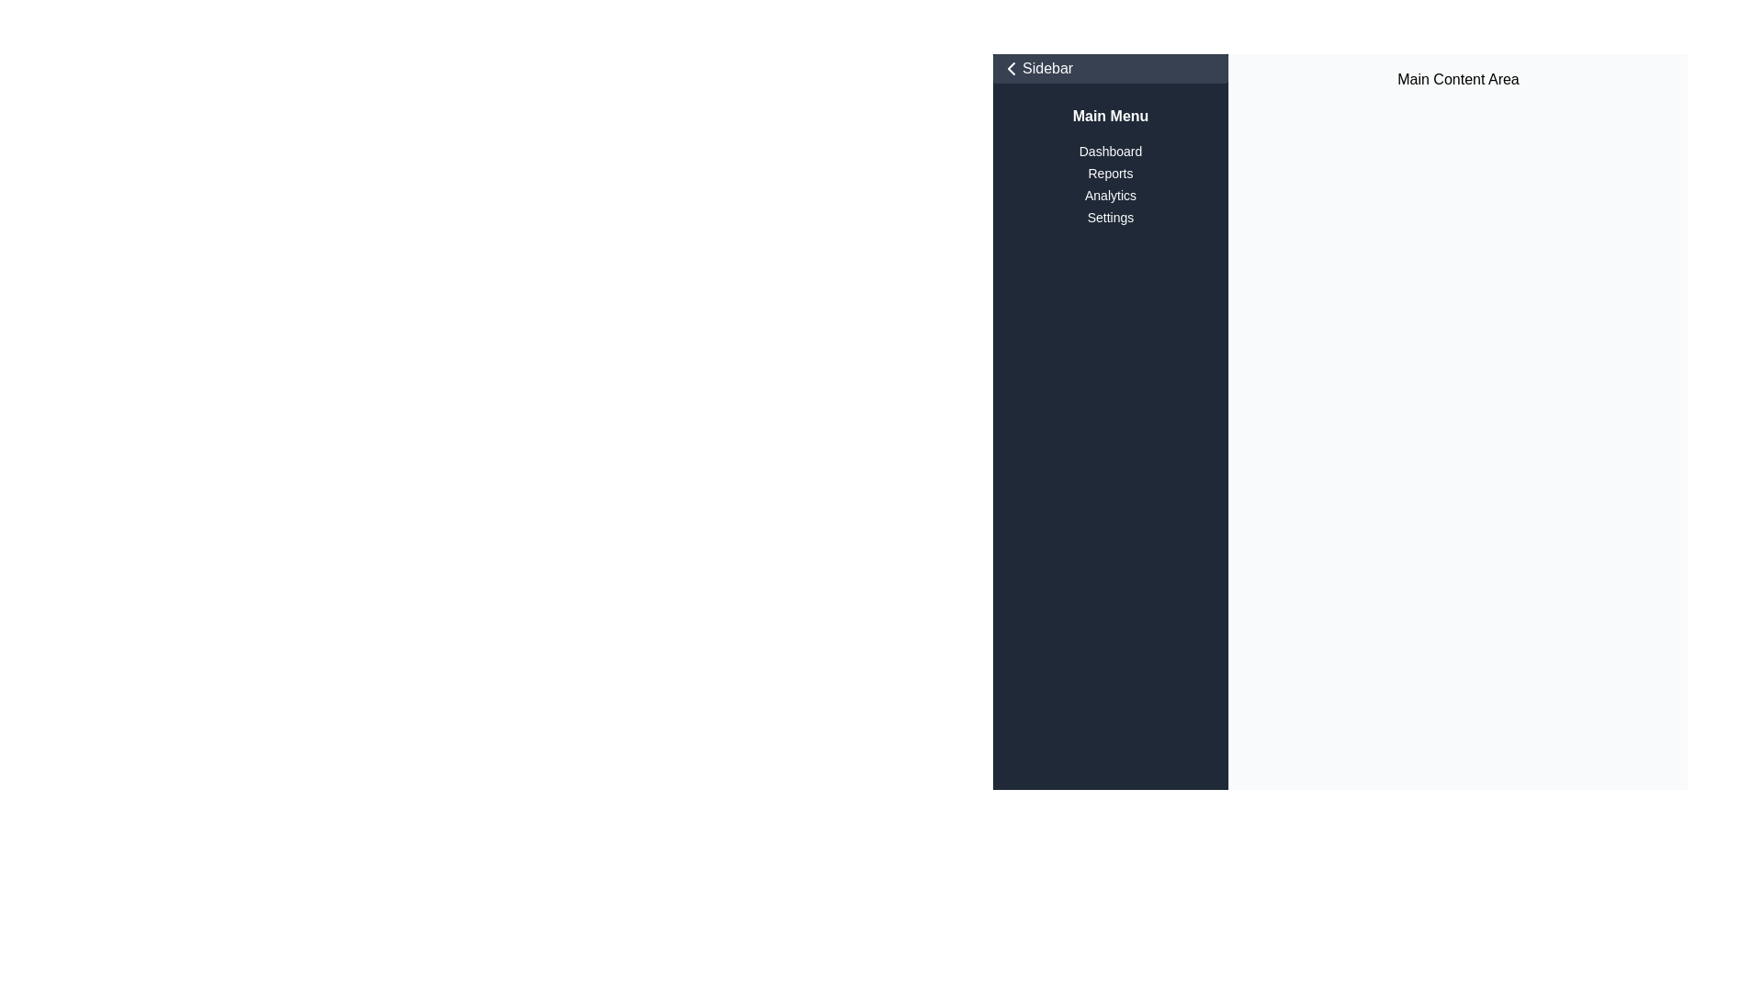 This screenshot has height=992, width=1764. What do you see at coordinates (1010, 67) in the screenshot?
I see `the navigation icon located in the top-left corner of the interface, adjacent to the sidebar, which indicates a backward action` at bounding box center [1010, 67].